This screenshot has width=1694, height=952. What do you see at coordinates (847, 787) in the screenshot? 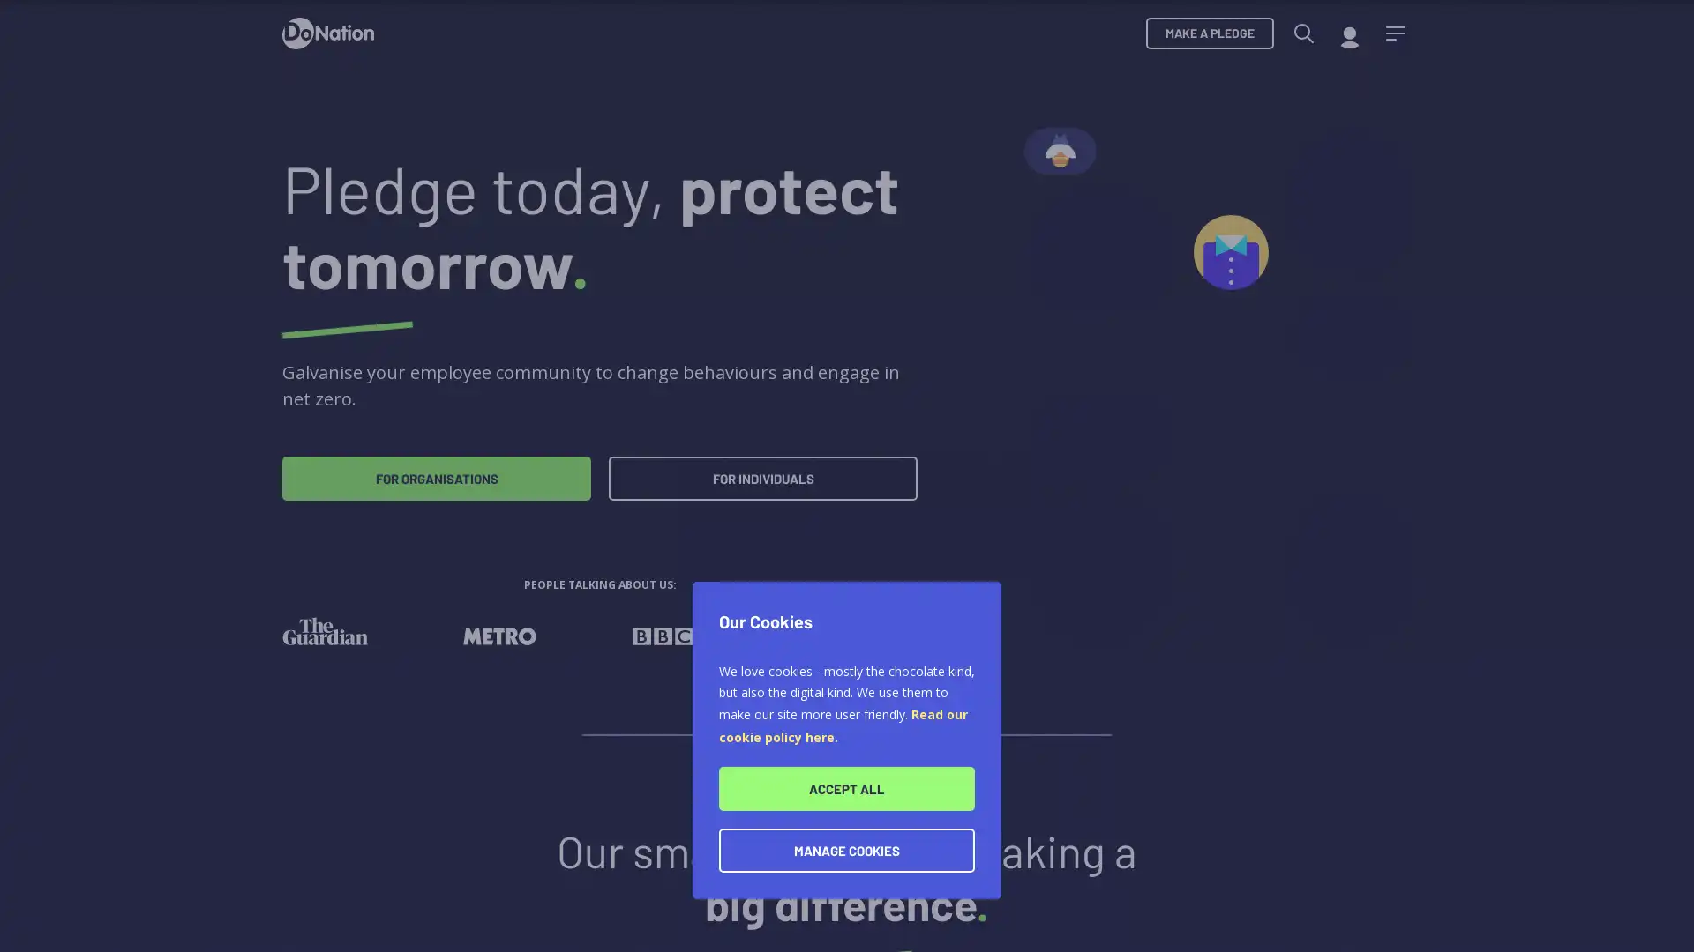
I see `ACCEPT ALL` at bounding box center [847, 787].